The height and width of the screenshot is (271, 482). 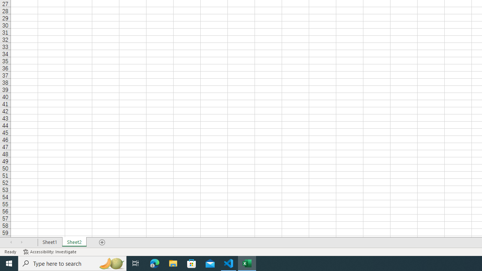 What do you see at coordinates (111, 263) in the screenshot?
I see `'Search highlights icon opens search home window'` at bounding box center [111, 263].